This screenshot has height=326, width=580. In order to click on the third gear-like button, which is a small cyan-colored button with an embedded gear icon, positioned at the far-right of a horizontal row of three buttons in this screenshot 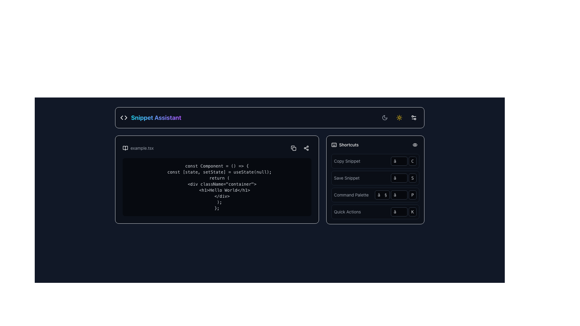, I will do `click(413, 117)`.